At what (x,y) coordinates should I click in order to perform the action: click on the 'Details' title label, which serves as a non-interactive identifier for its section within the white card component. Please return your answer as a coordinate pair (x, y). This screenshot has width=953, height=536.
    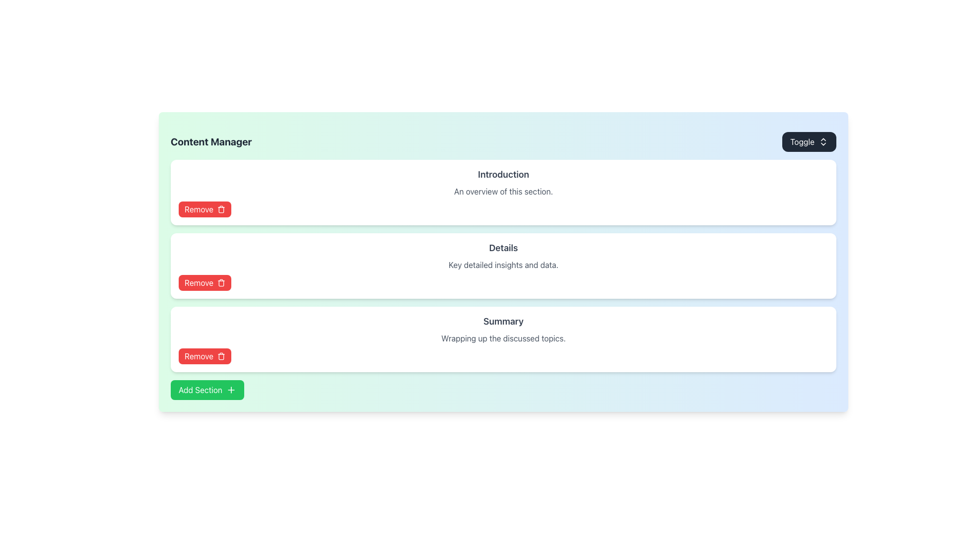
    Looking at the image, I should click on (503, 248).